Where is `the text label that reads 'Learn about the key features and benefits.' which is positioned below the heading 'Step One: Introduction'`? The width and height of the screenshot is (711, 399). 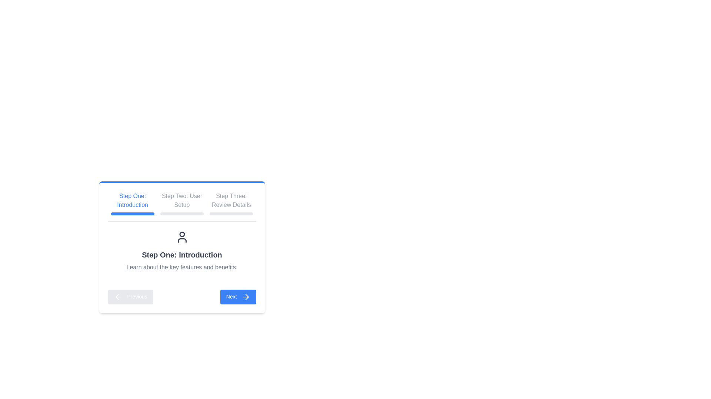 the text label that reads 'Learn about the key features and benefits.' which is positioned below the heading 'Step One: Introduction' is located at coordinates (182, 267).